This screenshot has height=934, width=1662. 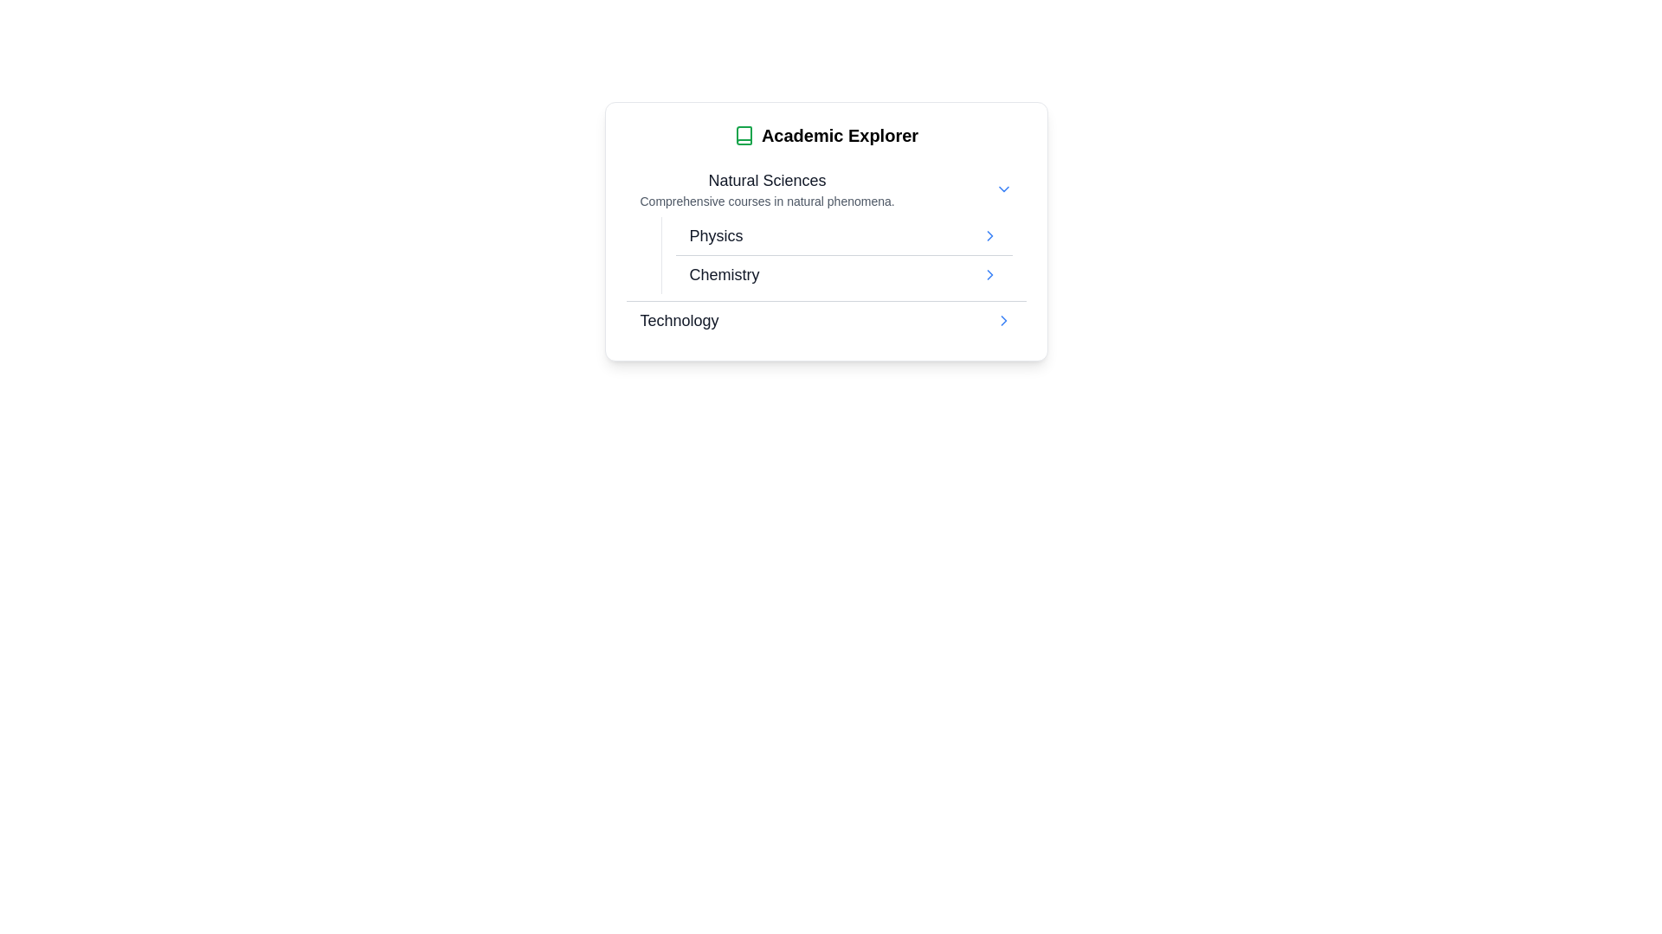 What do you see at coordinates (825, 189) in the screenshot?
I see `the 'Natural Sciences' category item, which is the first item under the 'Academic Explorer' heading` at bounding box center [825, 189].